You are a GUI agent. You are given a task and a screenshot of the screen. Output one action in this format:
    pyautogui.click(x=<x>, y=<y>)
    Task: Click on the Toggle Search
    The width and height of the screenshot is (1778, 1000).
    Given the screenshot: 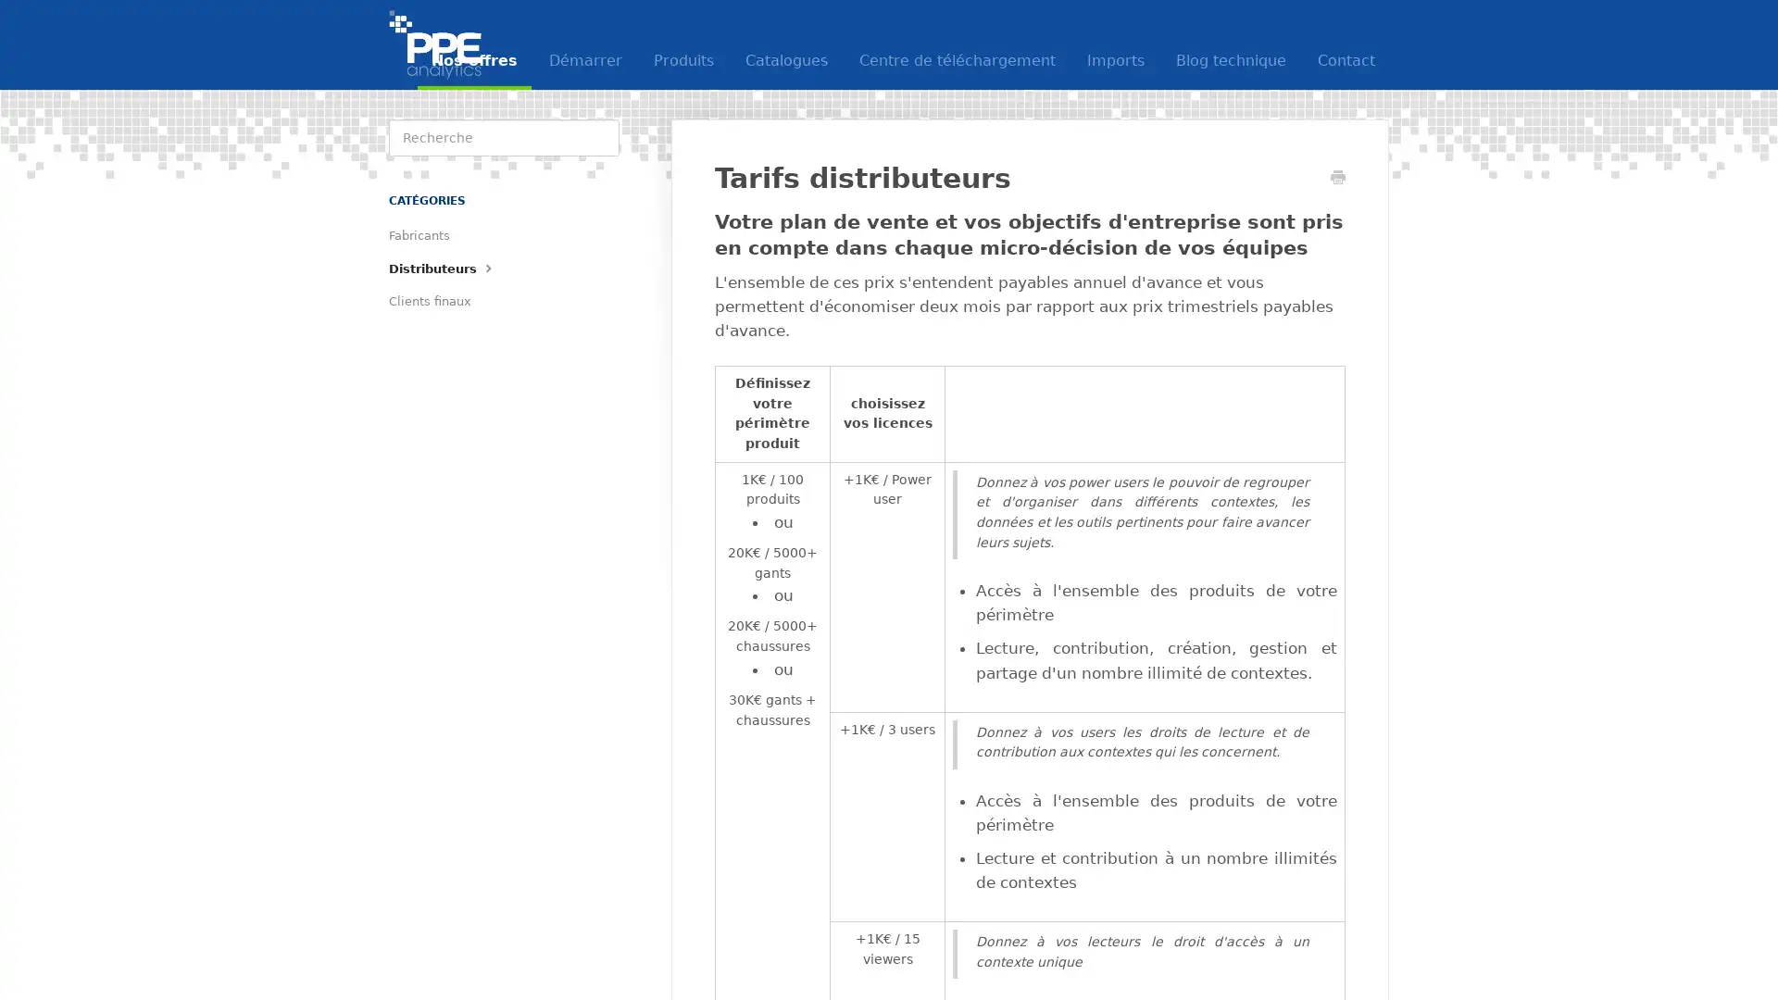 What is the action you would take?
    pyautogui.click(x=600, y=137)
    